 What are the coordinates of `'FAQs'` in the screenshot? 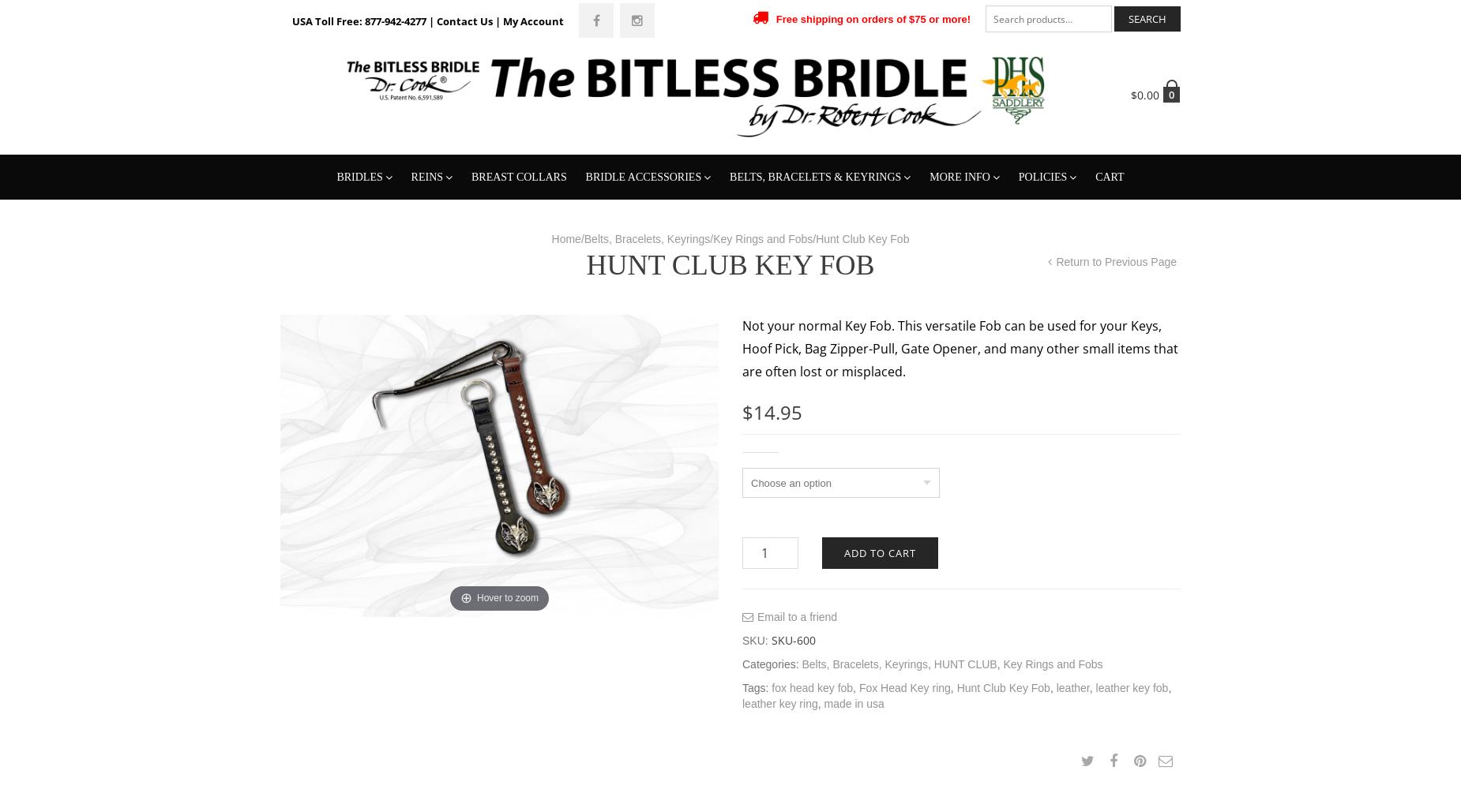 It's located at (950, 368).